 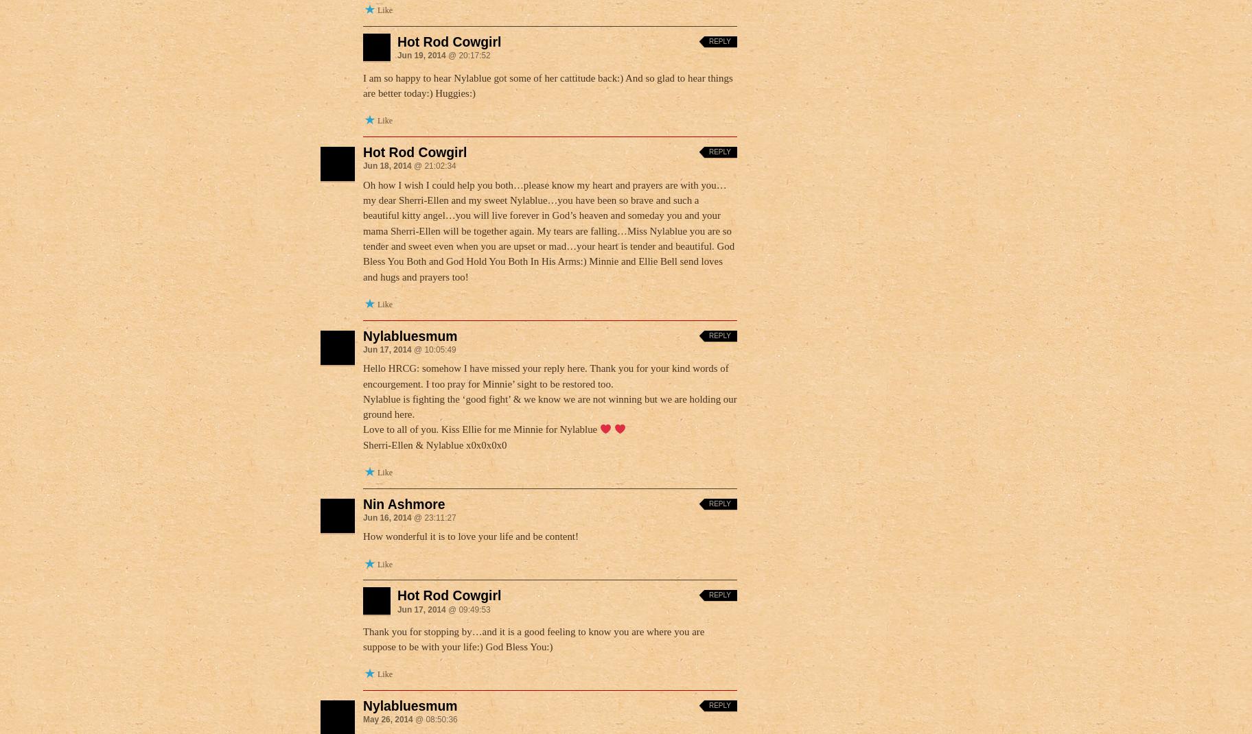 What do you see at coordinates (410, 517) in the screenshot?
I see `'@ 23:11:27'` at bounding box center [410, 517].